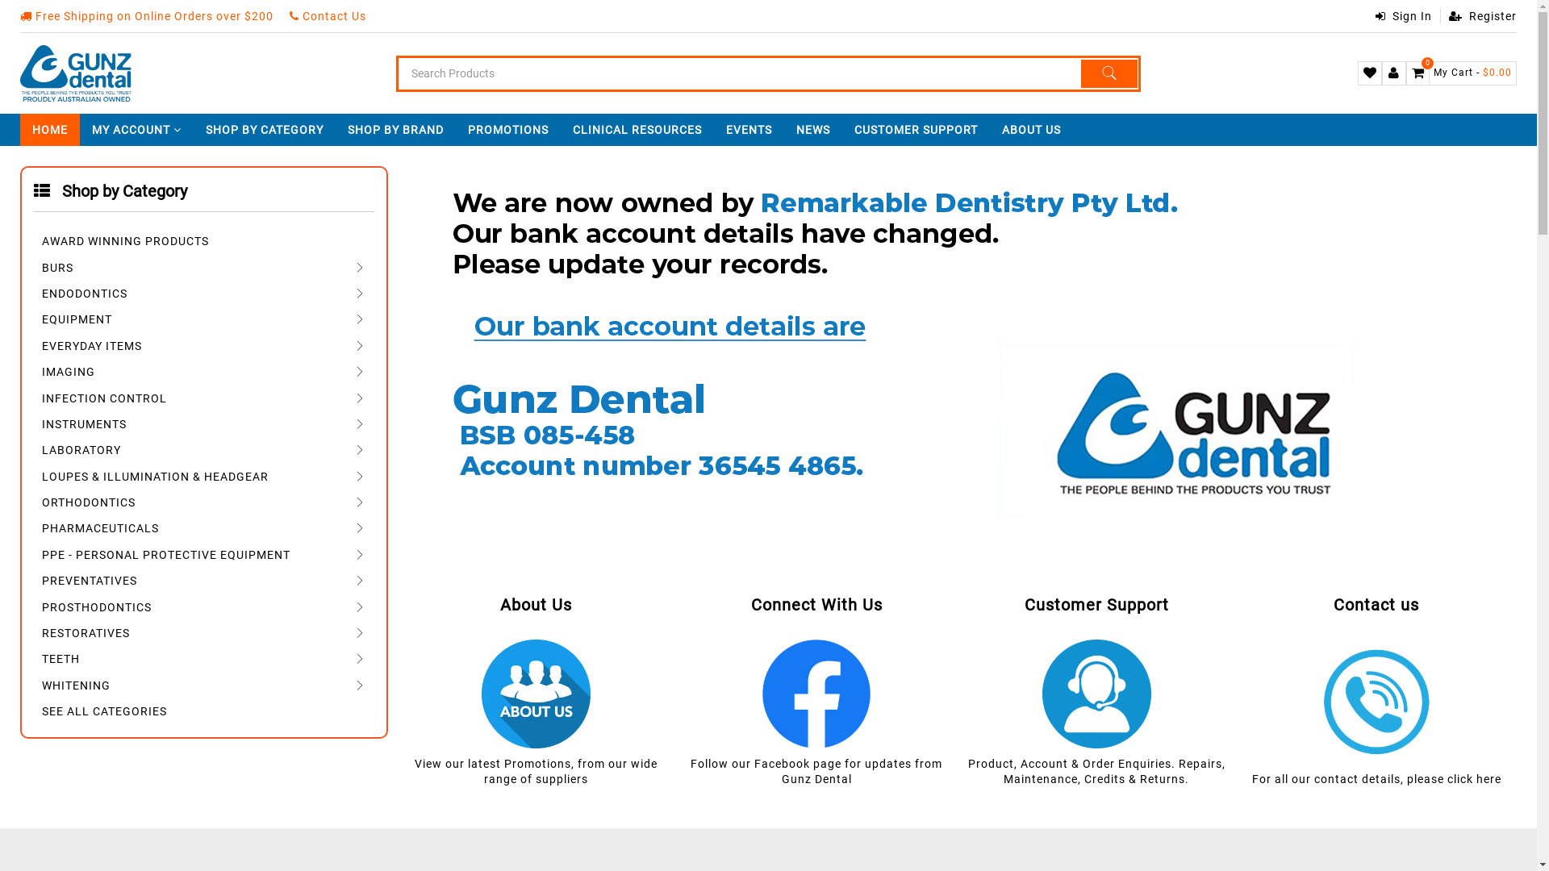 The height and width of the screenshot is (871, 1549). What do you see at coordinates (690, 770) in the screenshot?
I see `'Follow our Facebook page for updates from Gunz Dental'` at bounding box center [690, 770].